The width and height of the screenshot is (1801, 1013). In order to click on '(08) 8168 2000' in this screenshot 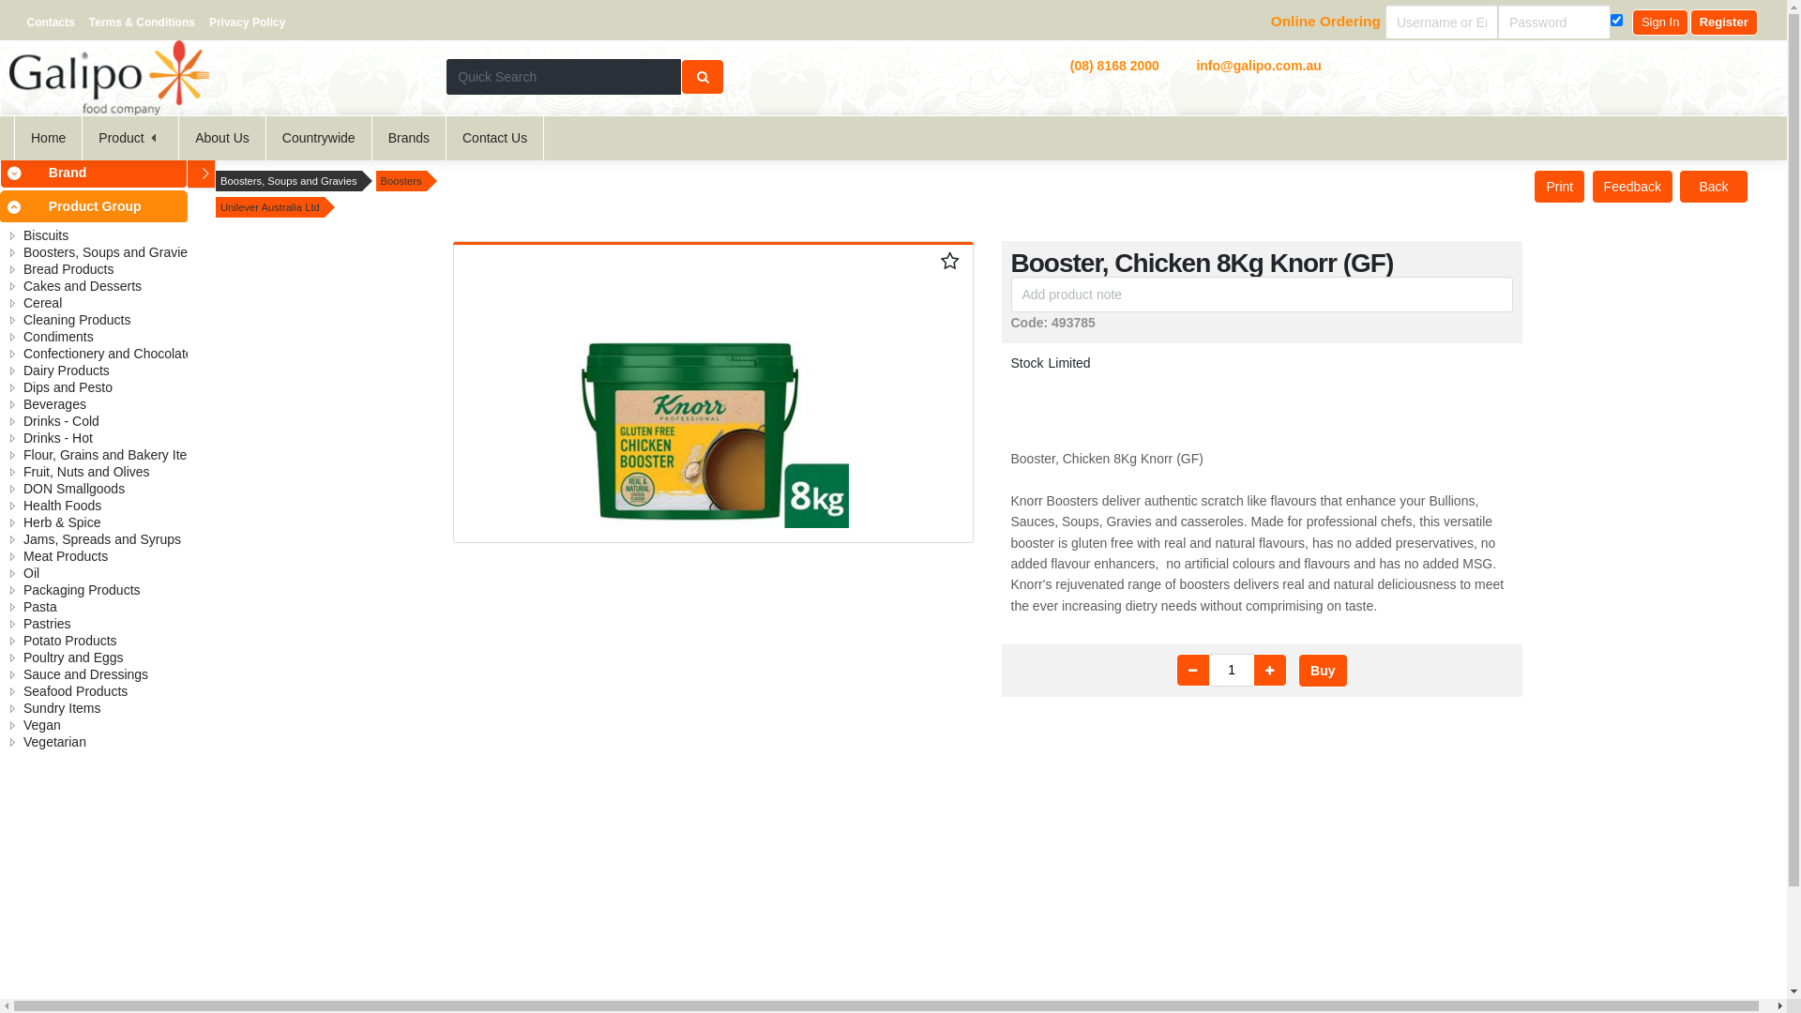, I will do `click(1114, 64)`.